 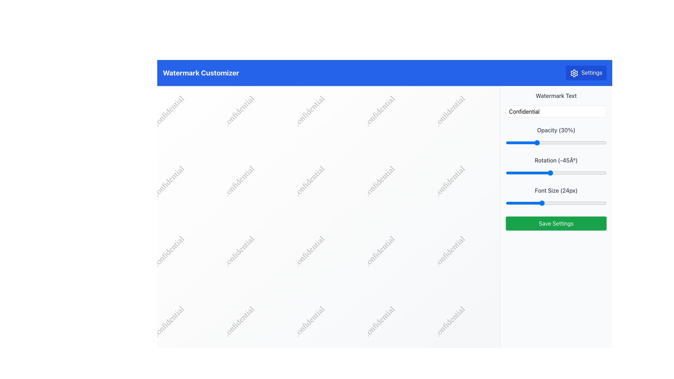 I want to click on the font size, so click(x=528, y=203).